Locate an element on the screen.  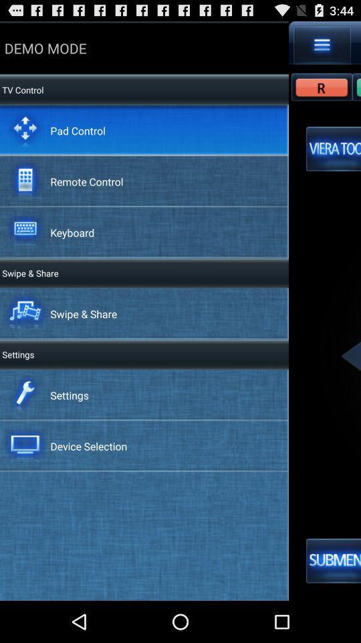
remote control app is located at coordinates (86, 180).